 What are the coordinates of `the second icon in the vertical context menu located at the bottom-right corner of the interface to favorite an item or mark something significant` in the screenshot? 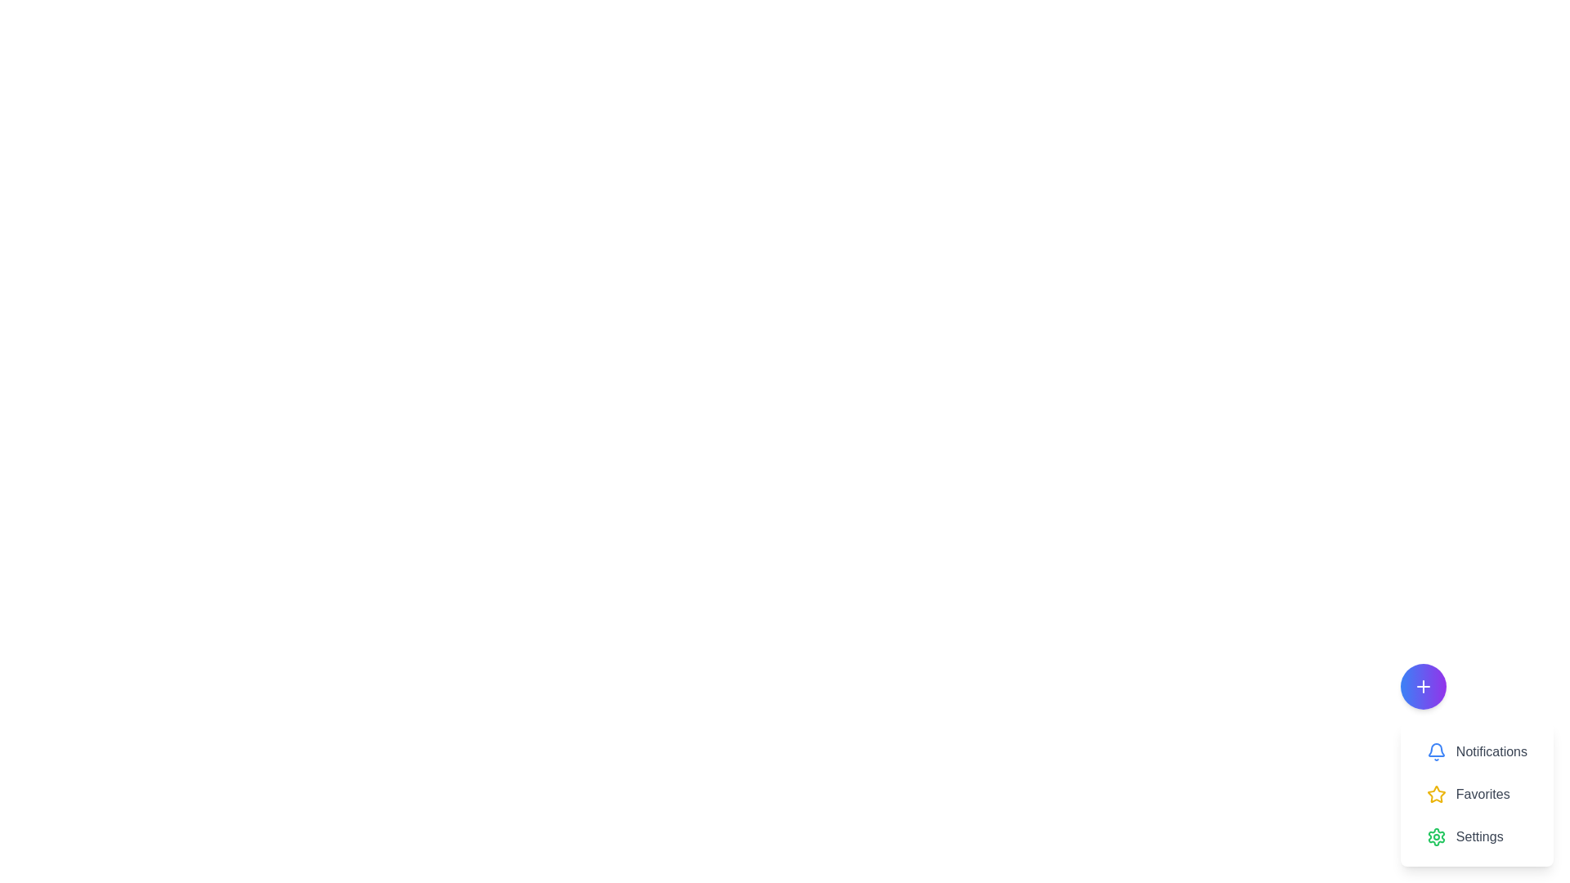 It's located at (1435, 793).